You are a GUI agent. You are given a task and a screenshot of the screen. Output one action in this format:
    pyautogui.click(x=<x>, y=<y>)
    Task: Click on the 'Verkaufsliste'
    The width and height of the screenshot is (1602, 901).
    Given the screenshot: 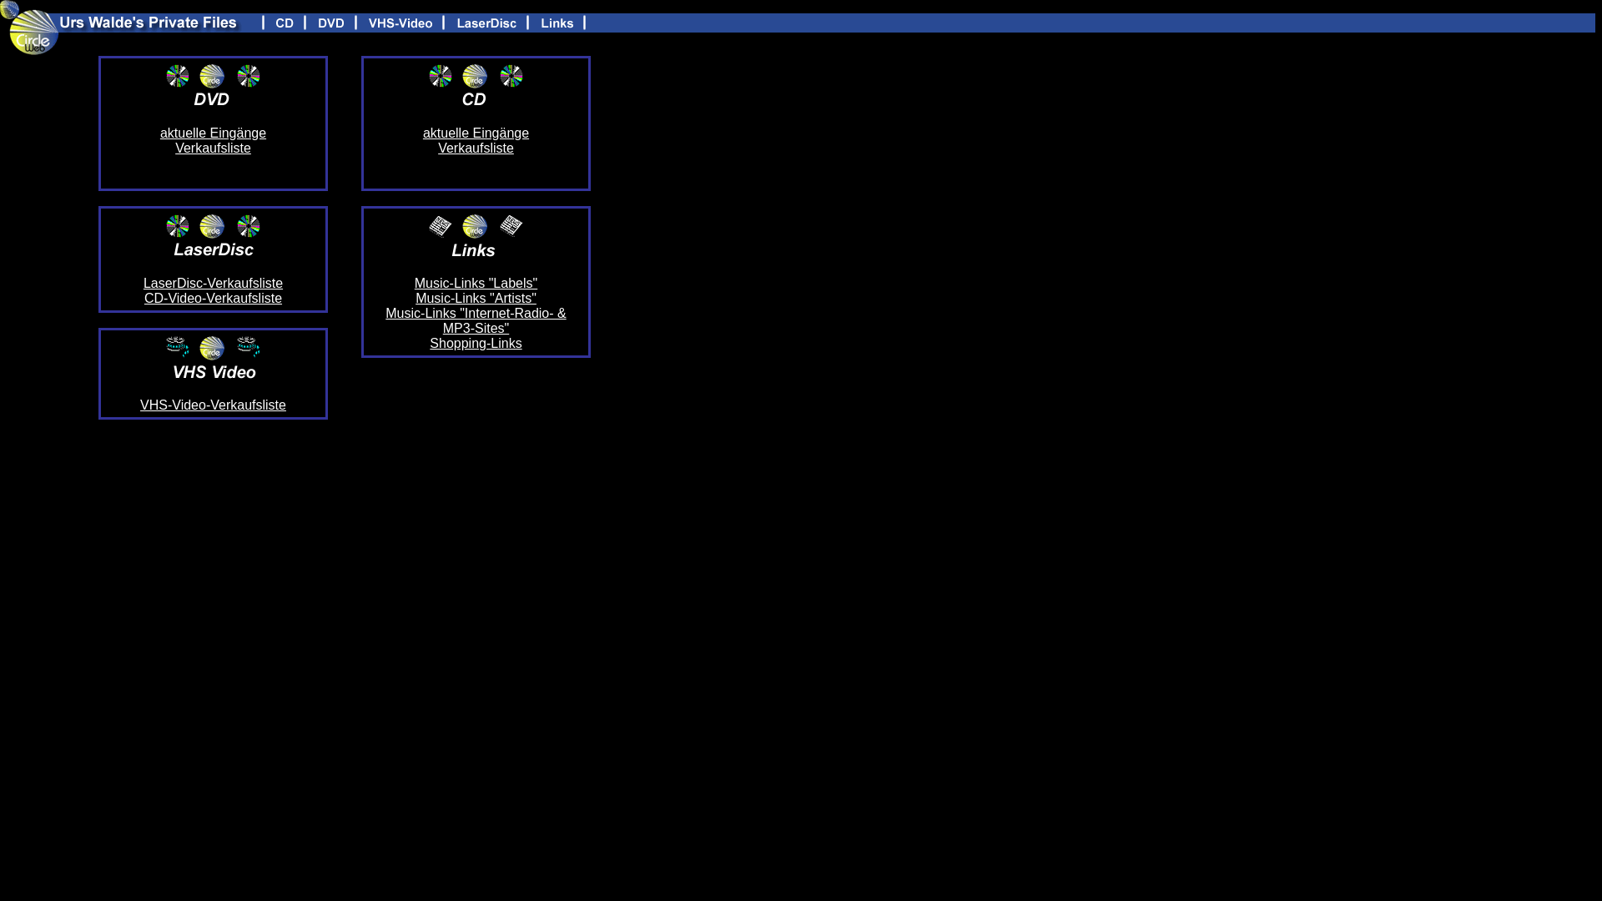 What is the action you would take?
    pyautogui.click(x=212, y=147)
    